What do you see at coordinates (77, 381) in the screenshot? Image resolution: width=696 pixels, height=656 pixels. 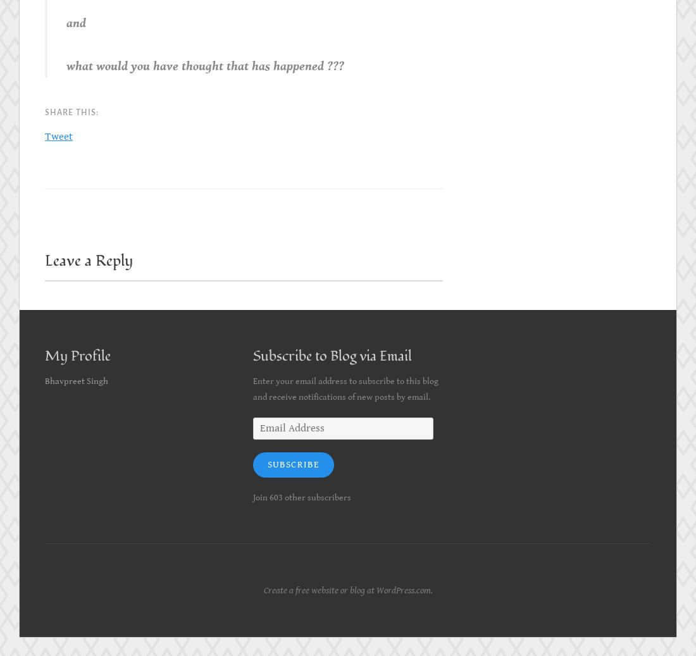 I see `'Bhavpreet Singh'` at bounding box center [77, 381].